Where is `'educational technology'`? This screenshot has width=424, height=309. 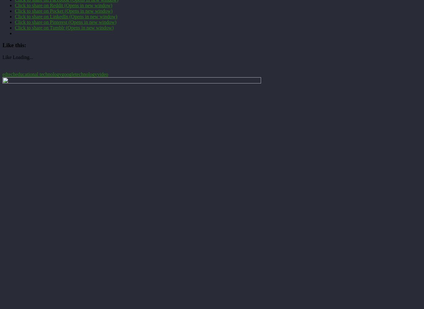 'educational technology' is located at coordinates (38, 74).